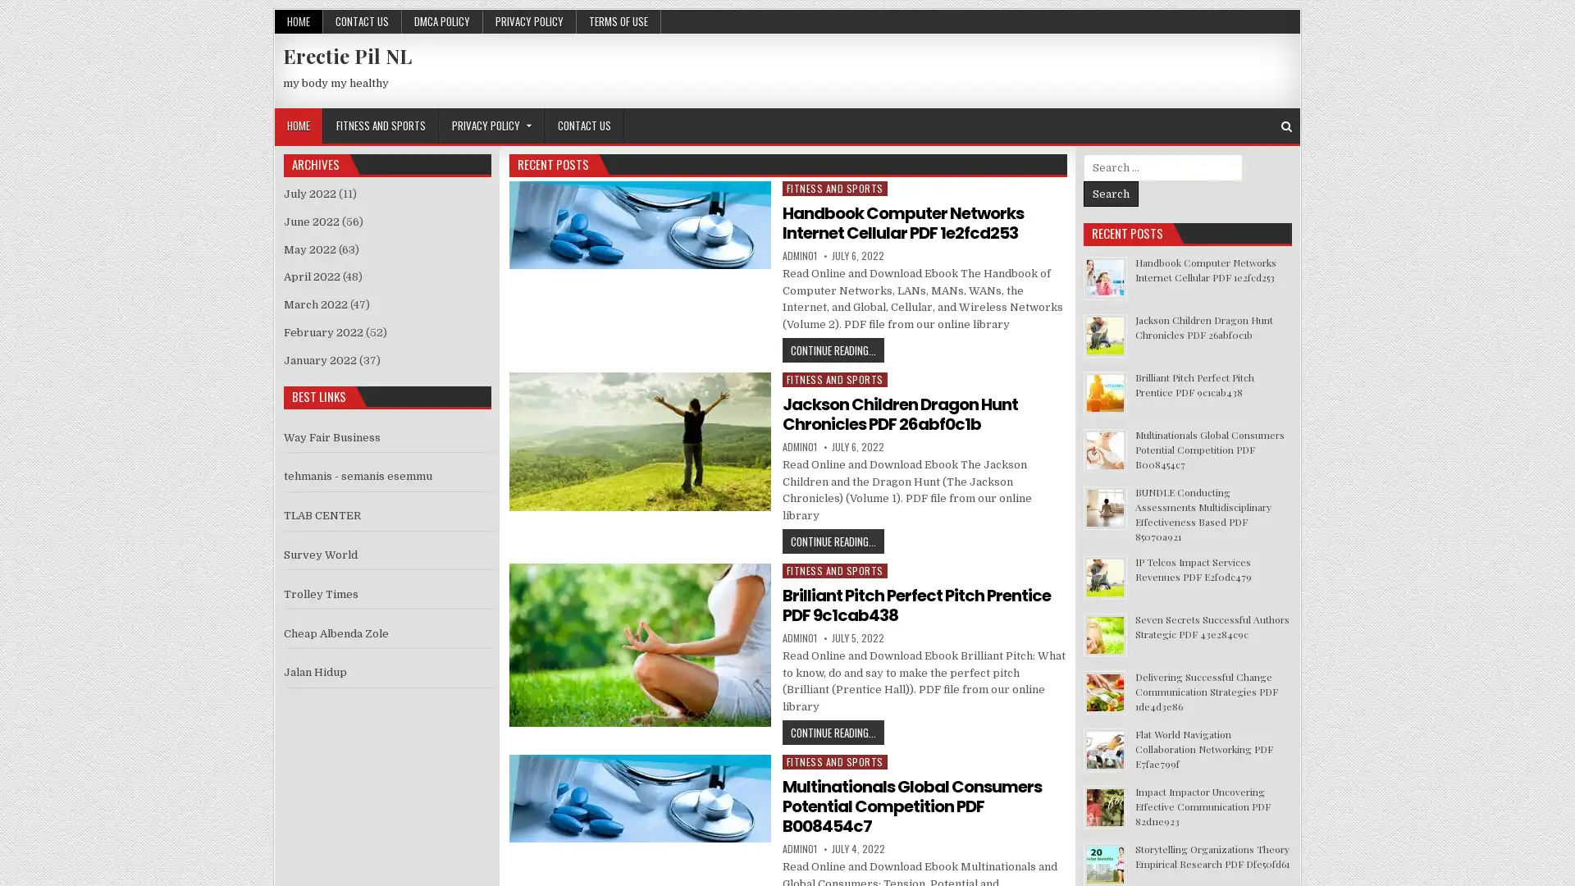 Image resolution: width=1575 pixels, height=886 pixels. Describe the element at coordinates (1111, 193) in the screenshot. I see `Search` at that location.